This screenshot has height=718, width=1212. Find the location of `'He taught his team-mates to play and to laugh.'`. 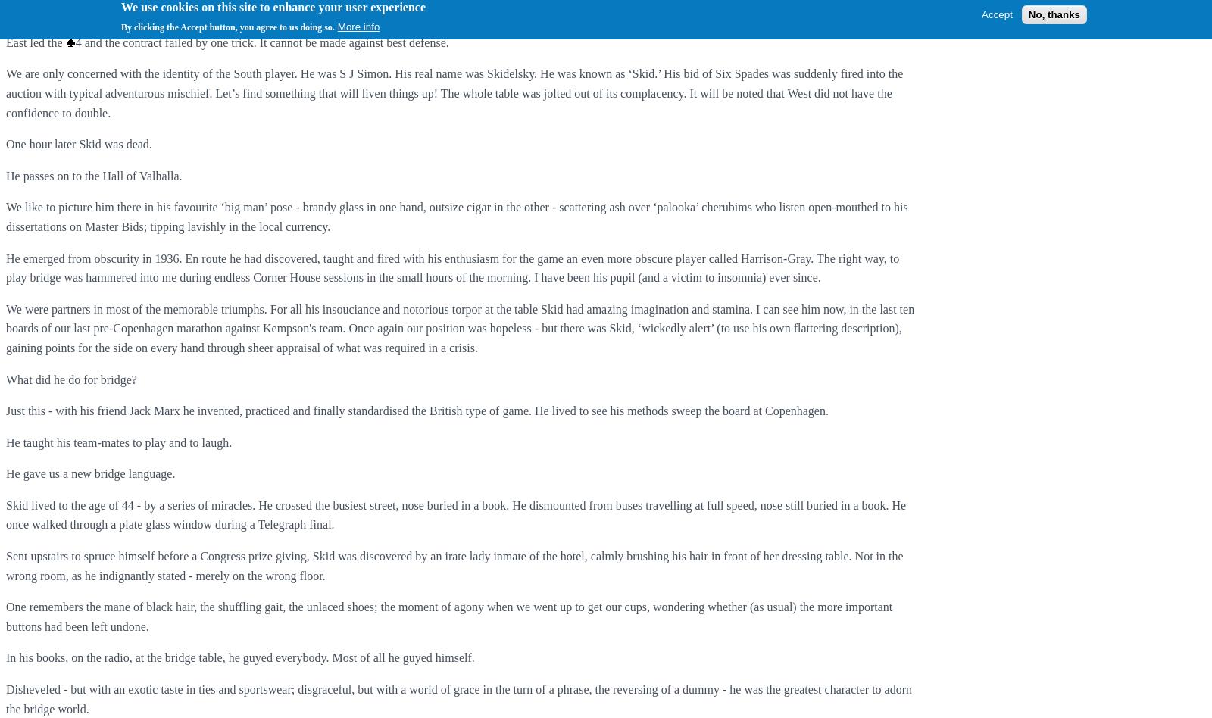

'He taught his team-mates to play and to laugh.' is located at coordinates (117, 442).